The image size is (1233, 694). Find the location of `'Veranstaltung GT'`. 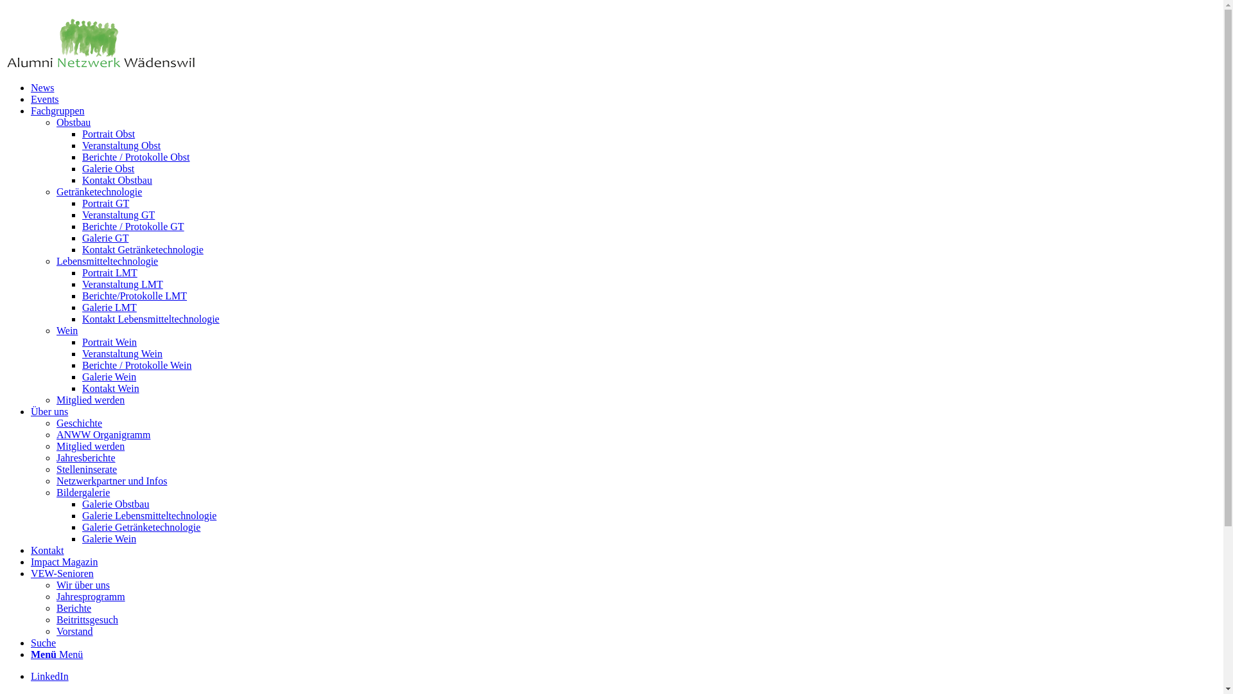

'Veranstaltung GT' is located at coordinates (118, 214).